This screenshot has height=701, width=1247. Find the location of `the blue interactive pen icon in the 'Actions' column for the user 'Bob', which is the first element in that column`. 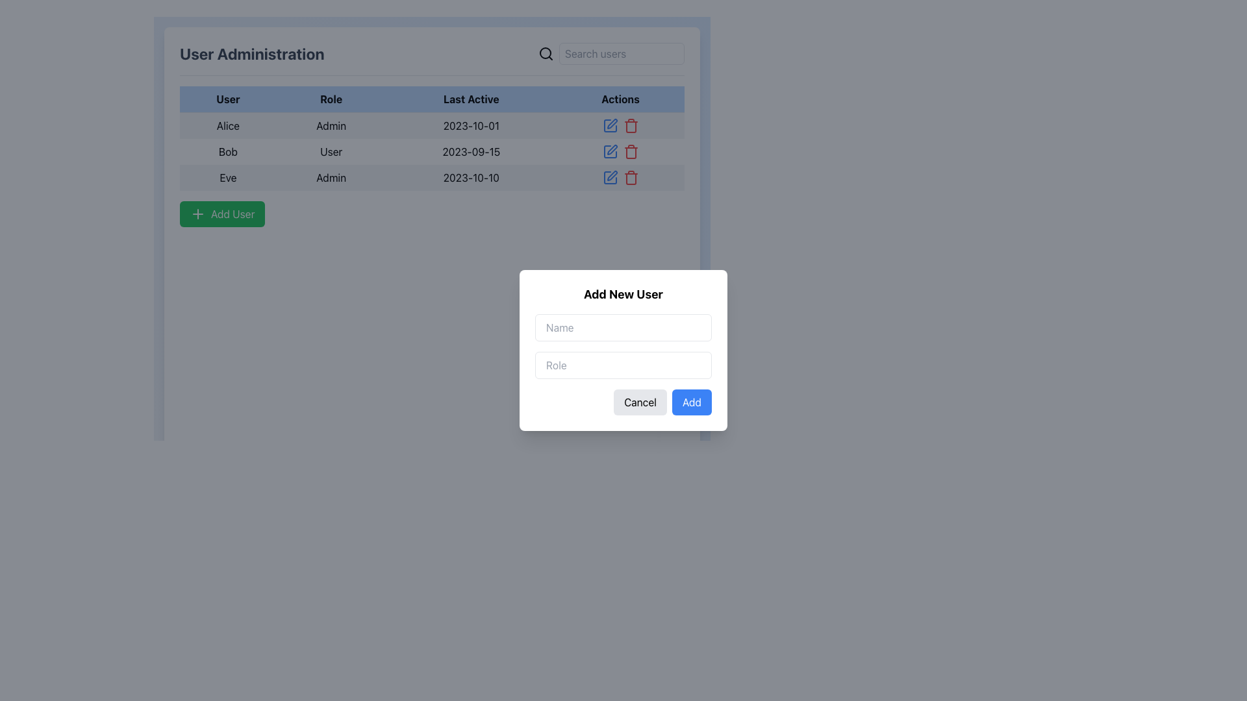

the blue interactive pen icon in the 'Actions' column for the user 'Bob', which is the first element in that column is located at coordinates (609, 151).